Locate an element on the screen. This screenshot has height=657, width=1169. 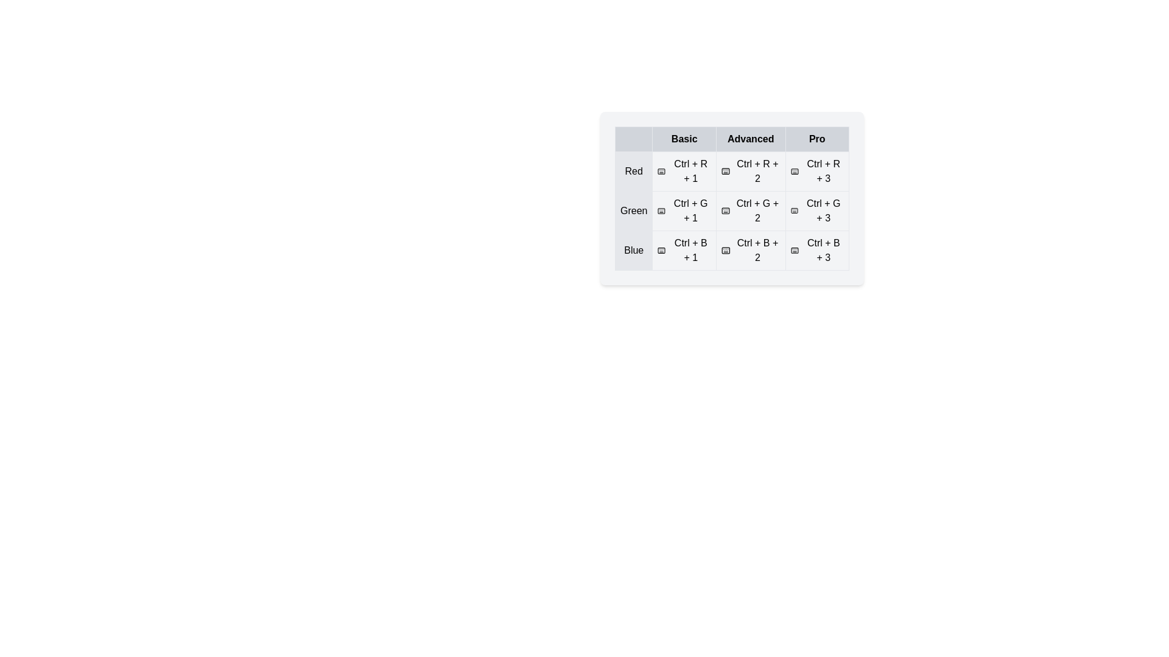
the Static content label displaying 'Ctrl + R + 1' with a keyboard icon, located in the first row labeled 'Red' and the first column labeled 'Basic' is located at coordinates (684, 171).